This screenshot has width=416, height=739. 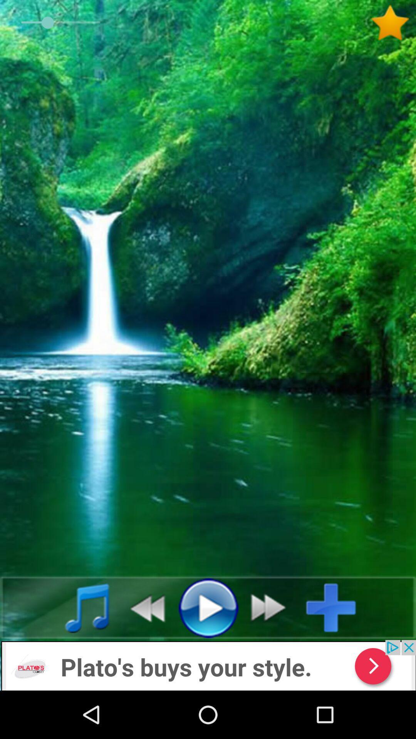 I want to click on the music icon, so click(x=79, y=607).